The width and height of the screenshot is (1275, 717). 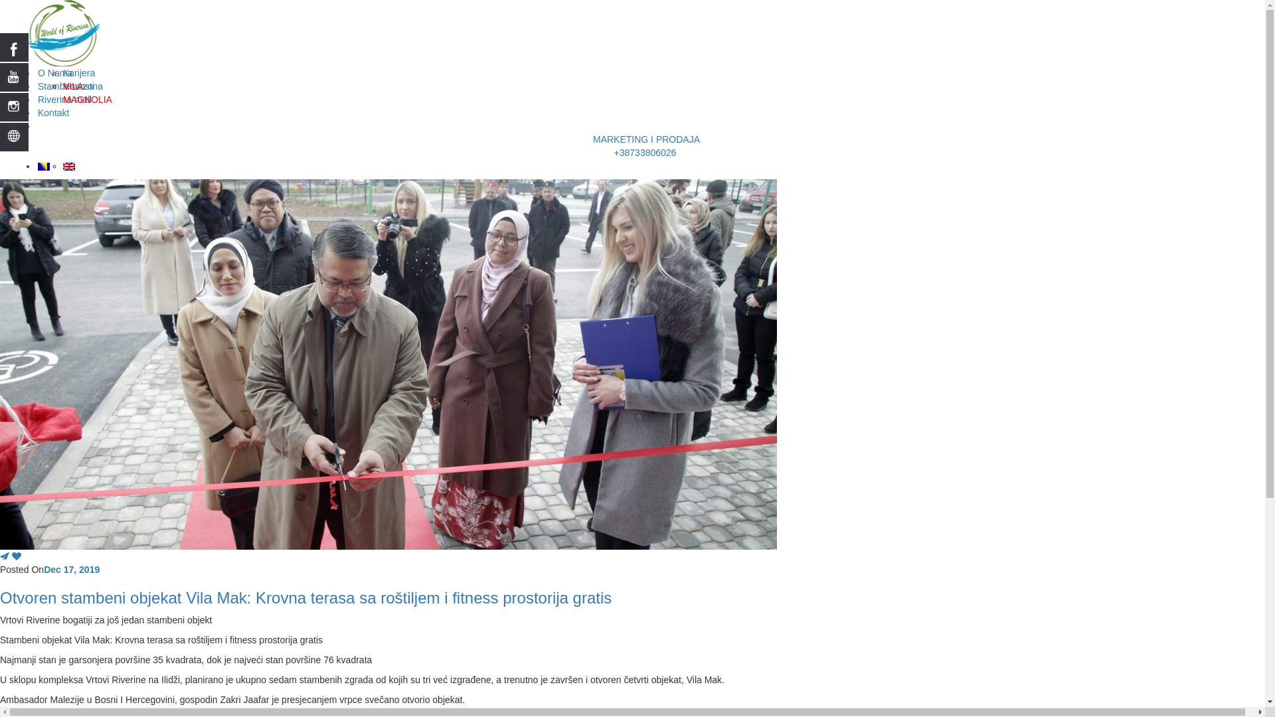 What do you see at coordinates (64, 99) in the screenshot?
I see `'Riverina mall'` at bounding box center [64, 99].